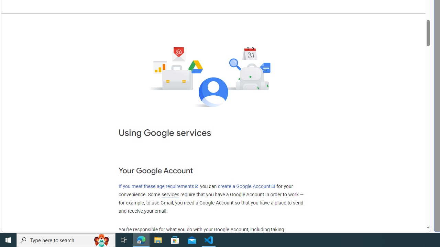 This screenshot has width=440, height=247. I want to click on 'Task View', so click(123, 239).